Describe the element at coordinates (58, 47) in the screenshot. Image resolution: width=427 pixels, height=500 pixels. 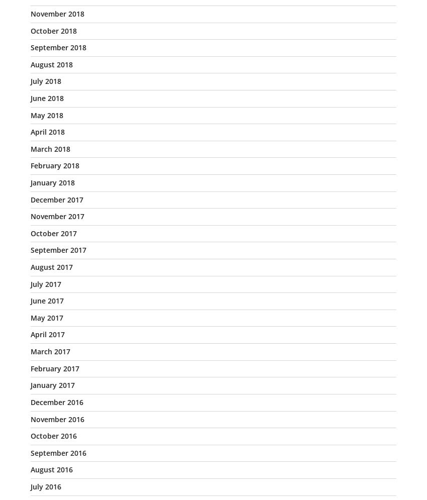
I see `'September 2018'` at that location.